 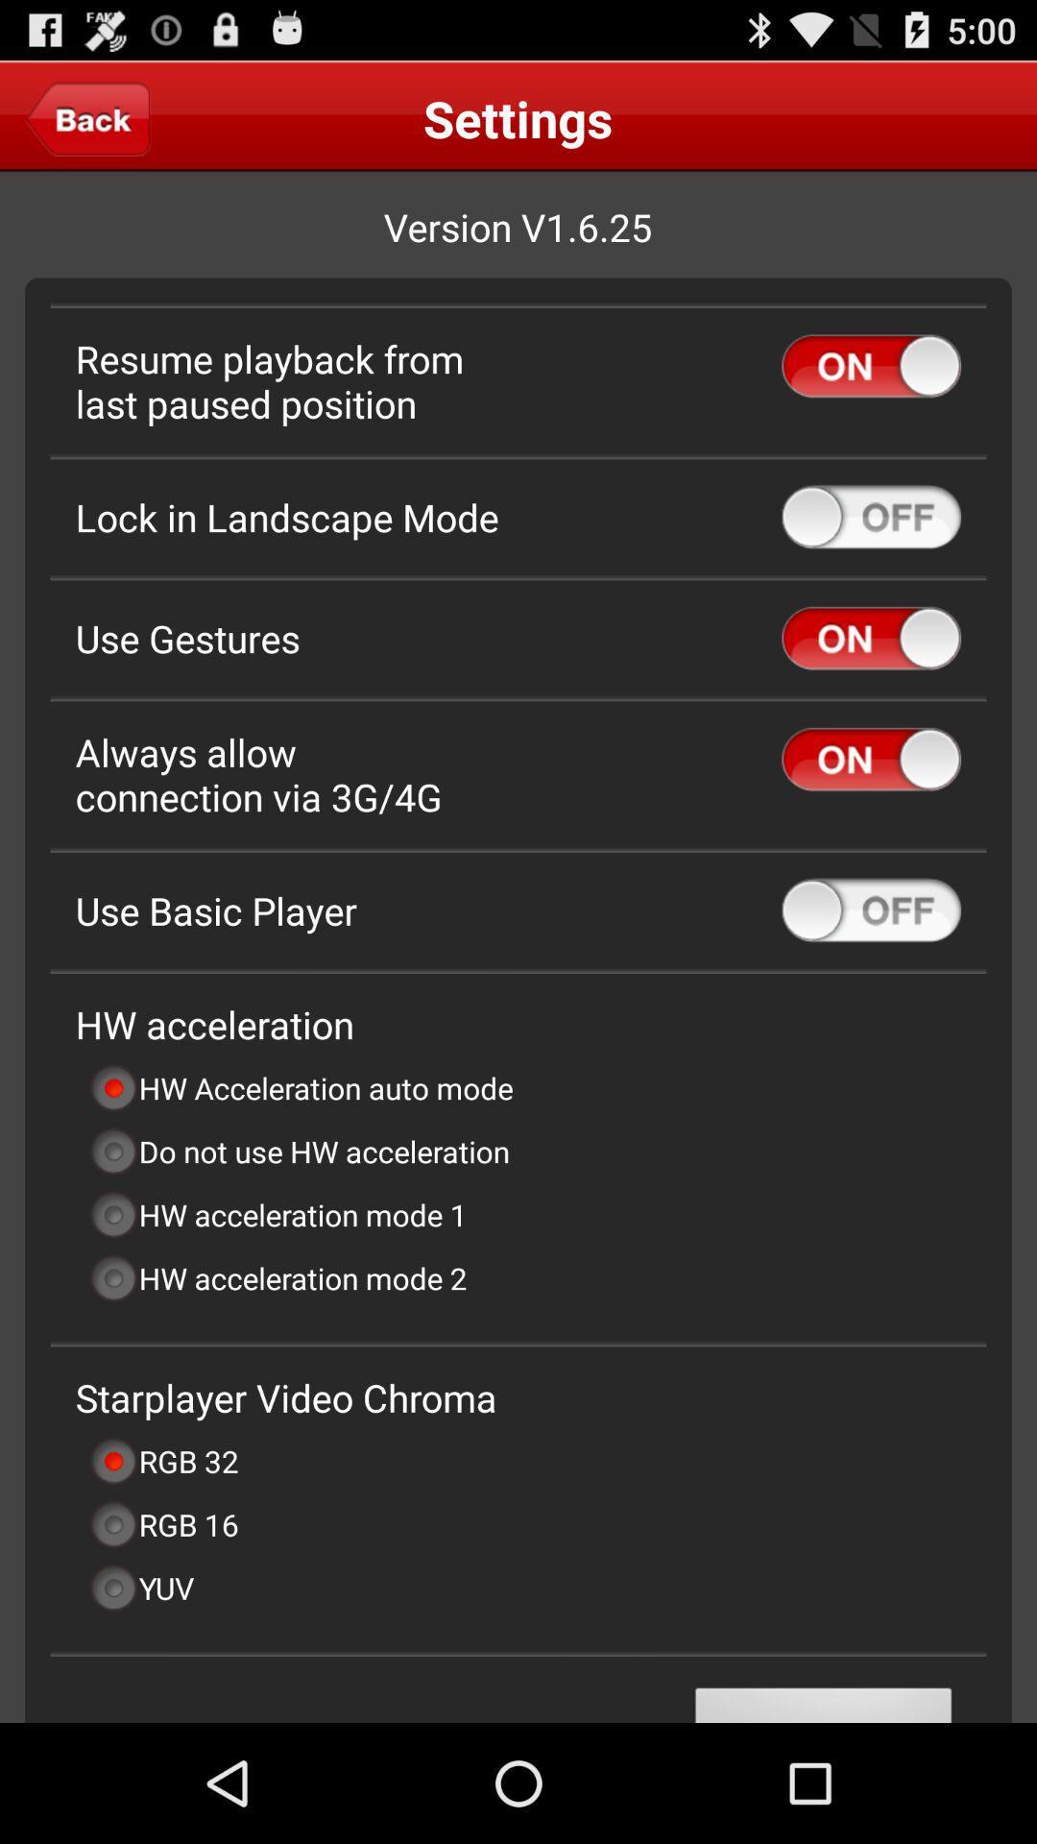 I want to click on lock in landscape mode, so click(x=871, y=517).